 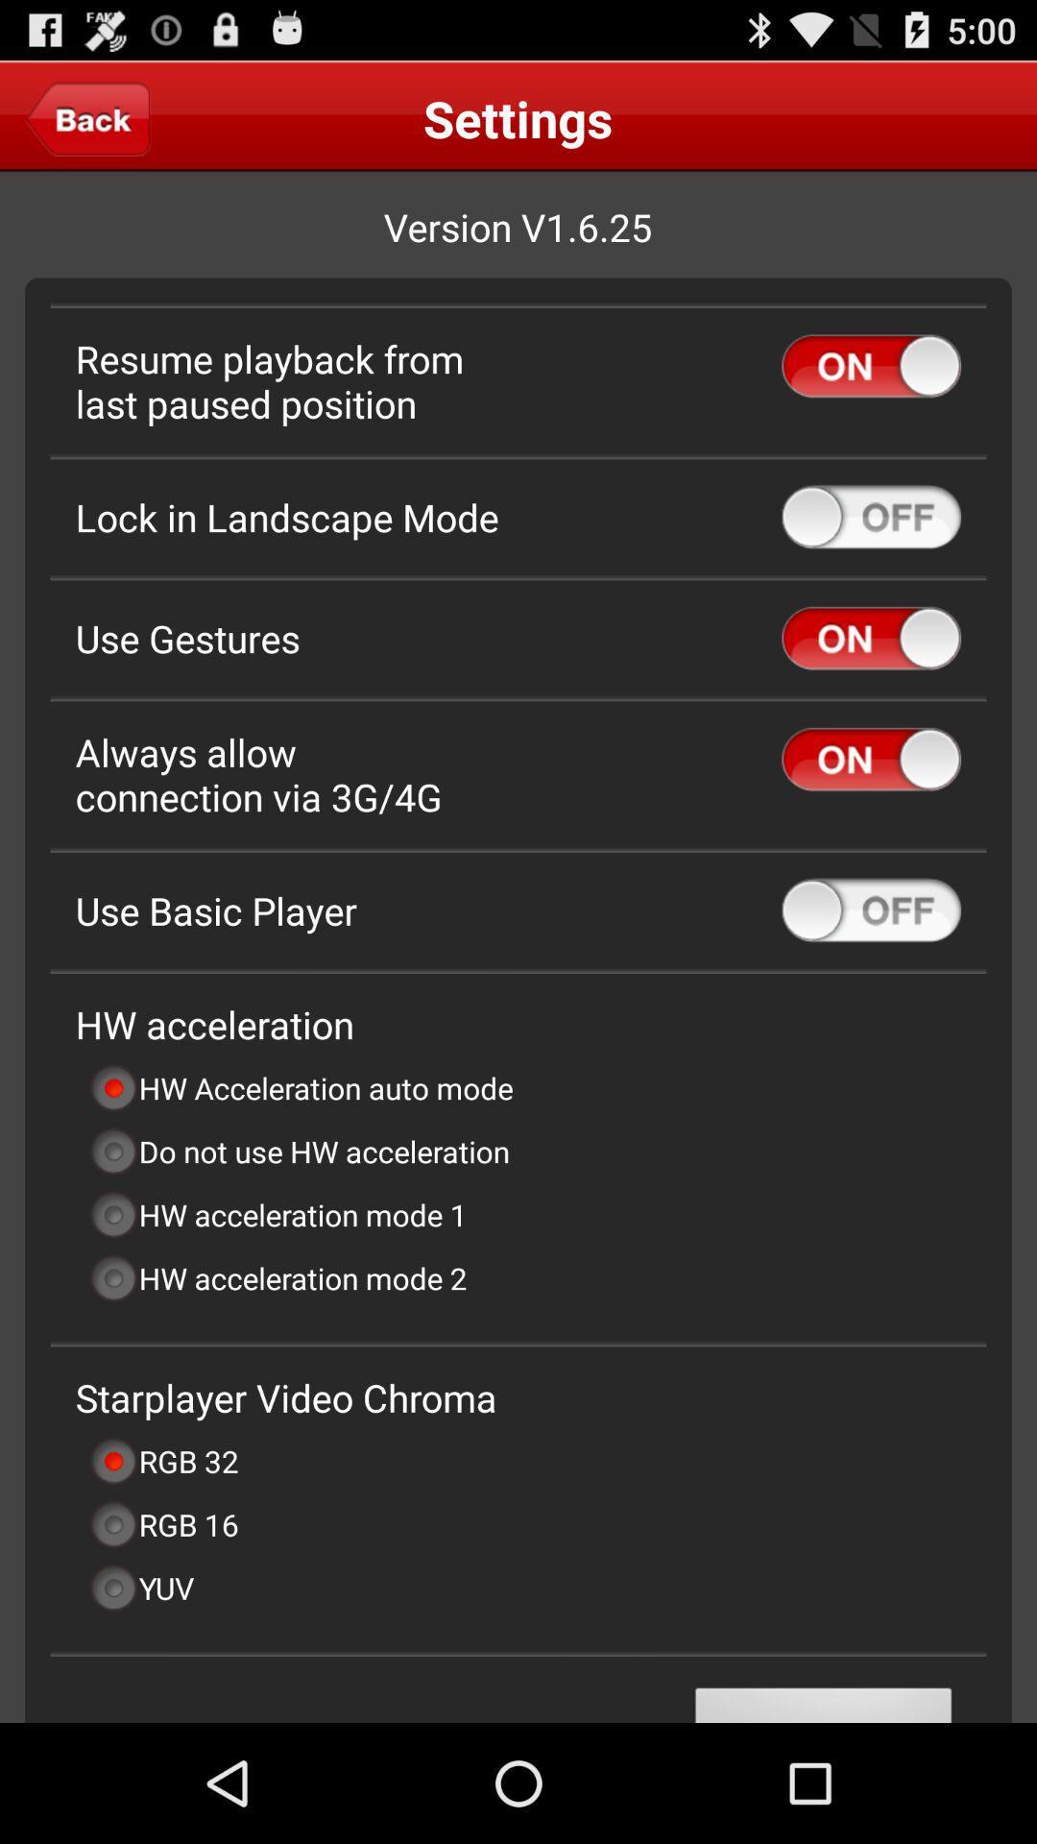 I want to click on lock in landscape mode, so click(x=871, y=517).